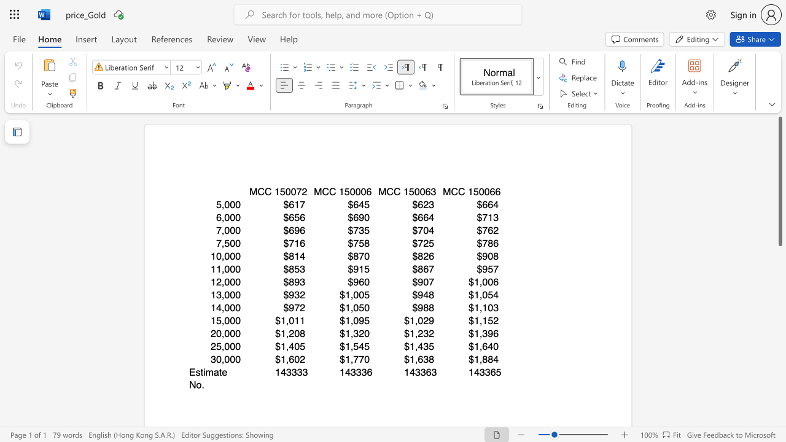  Describe the element at coordinates (779, 350) in the screenshot. I see `the scrollbar on the right to shift the page lower` at that location.